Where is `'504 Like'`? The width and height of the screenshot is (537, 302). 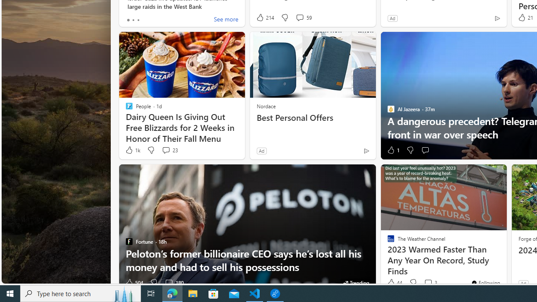 '504 Like' is located at coordinates (133, 283).